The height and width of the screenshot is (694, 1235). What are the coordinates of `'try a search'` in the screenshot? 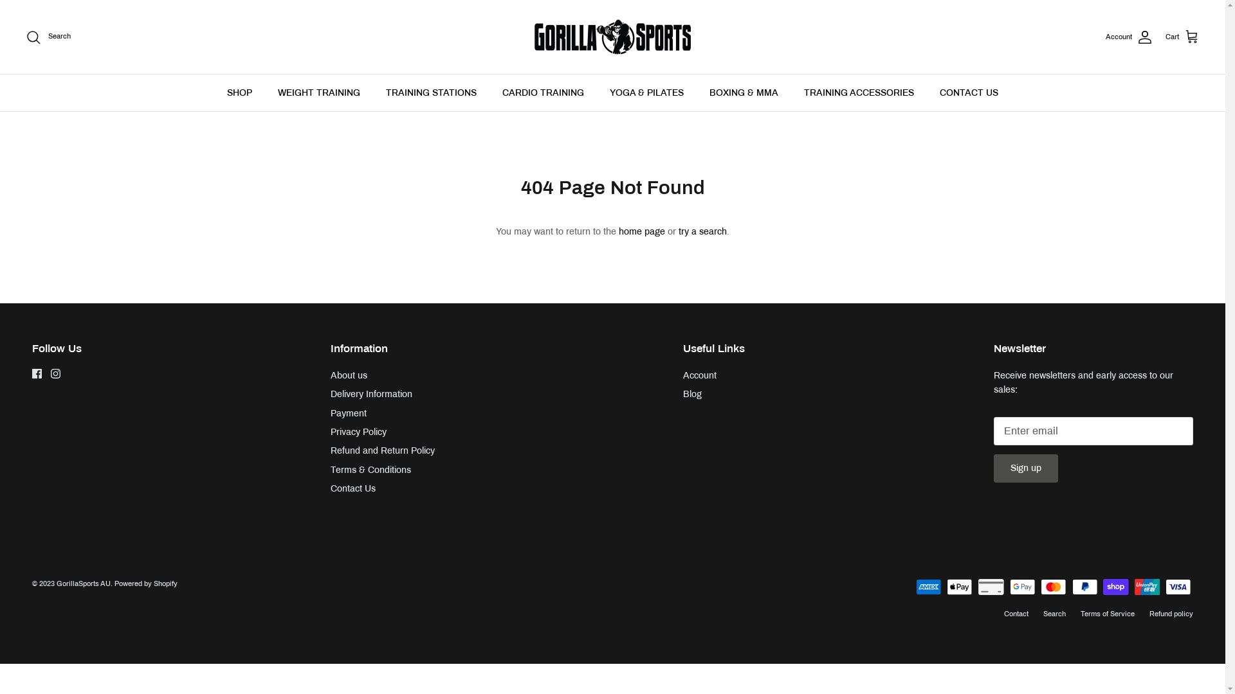 It's located at (678, 231).